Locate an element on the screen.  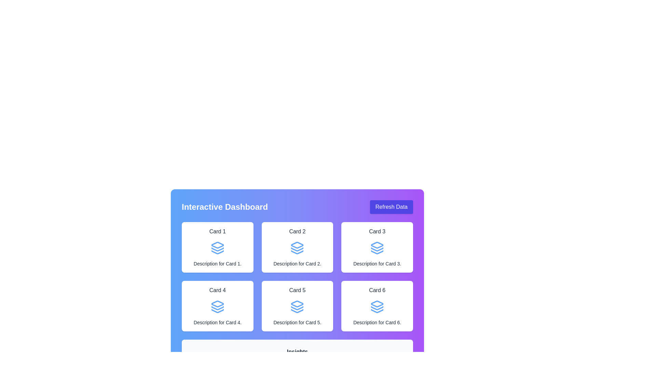
the Text label that serves as a title for the second card in the second row of the grid layout, distinguishing it from other cards is located at coordinates (297, 290).